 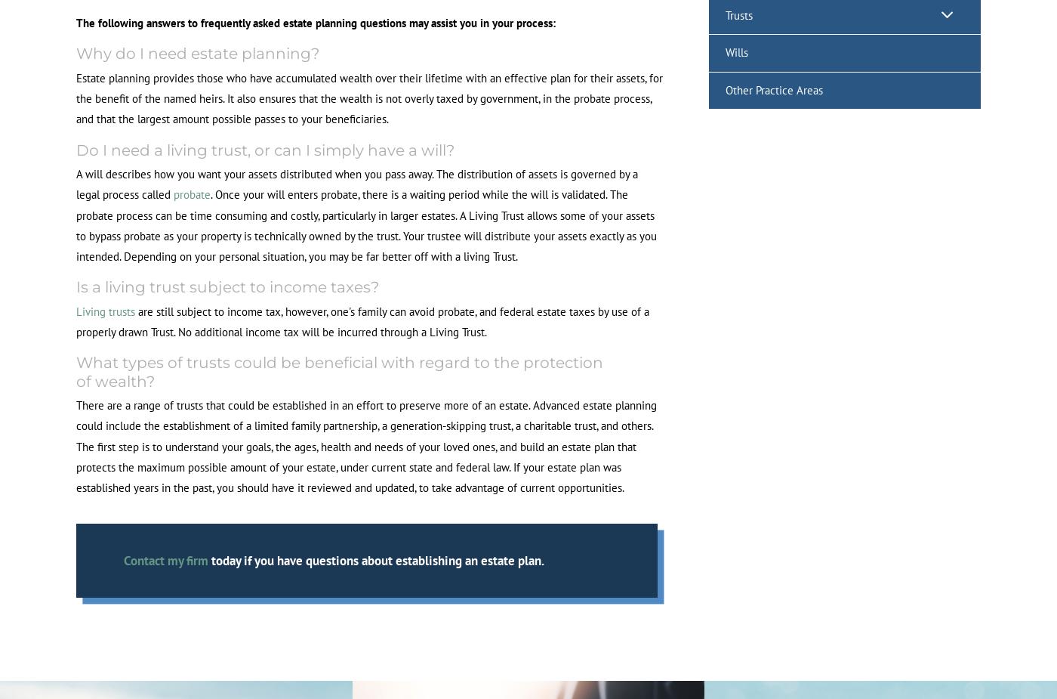 I want to click on 'of wealth?', so click(x=75, y=380).